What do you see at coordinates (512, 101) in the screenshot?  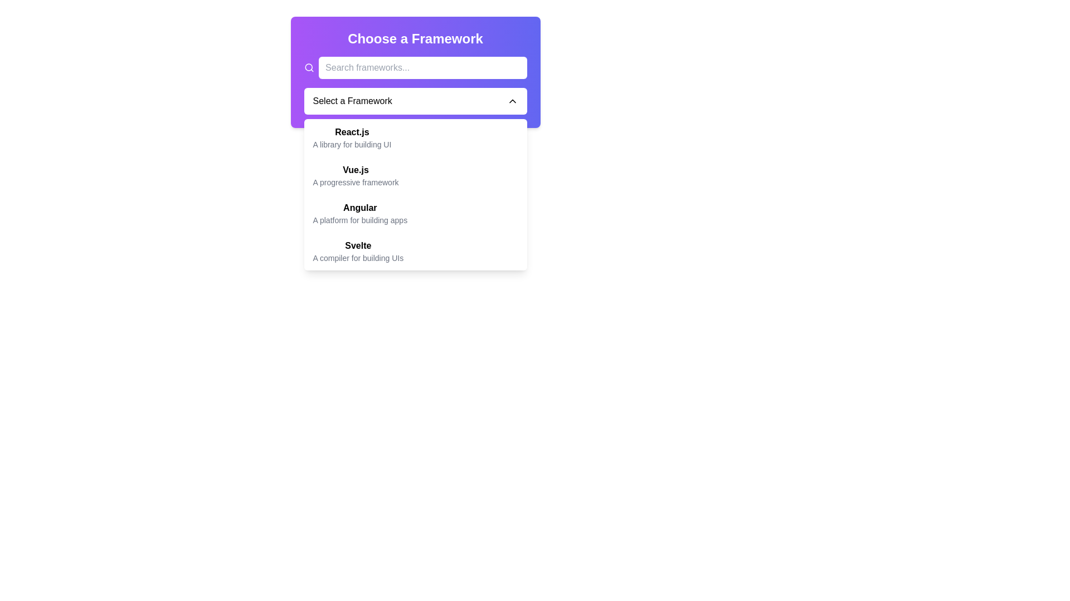 I see `the collapse icon located at the rightmost end of the 'Select a Framework' dropdown menu to hide its contents` at bounding box center [512, 101].